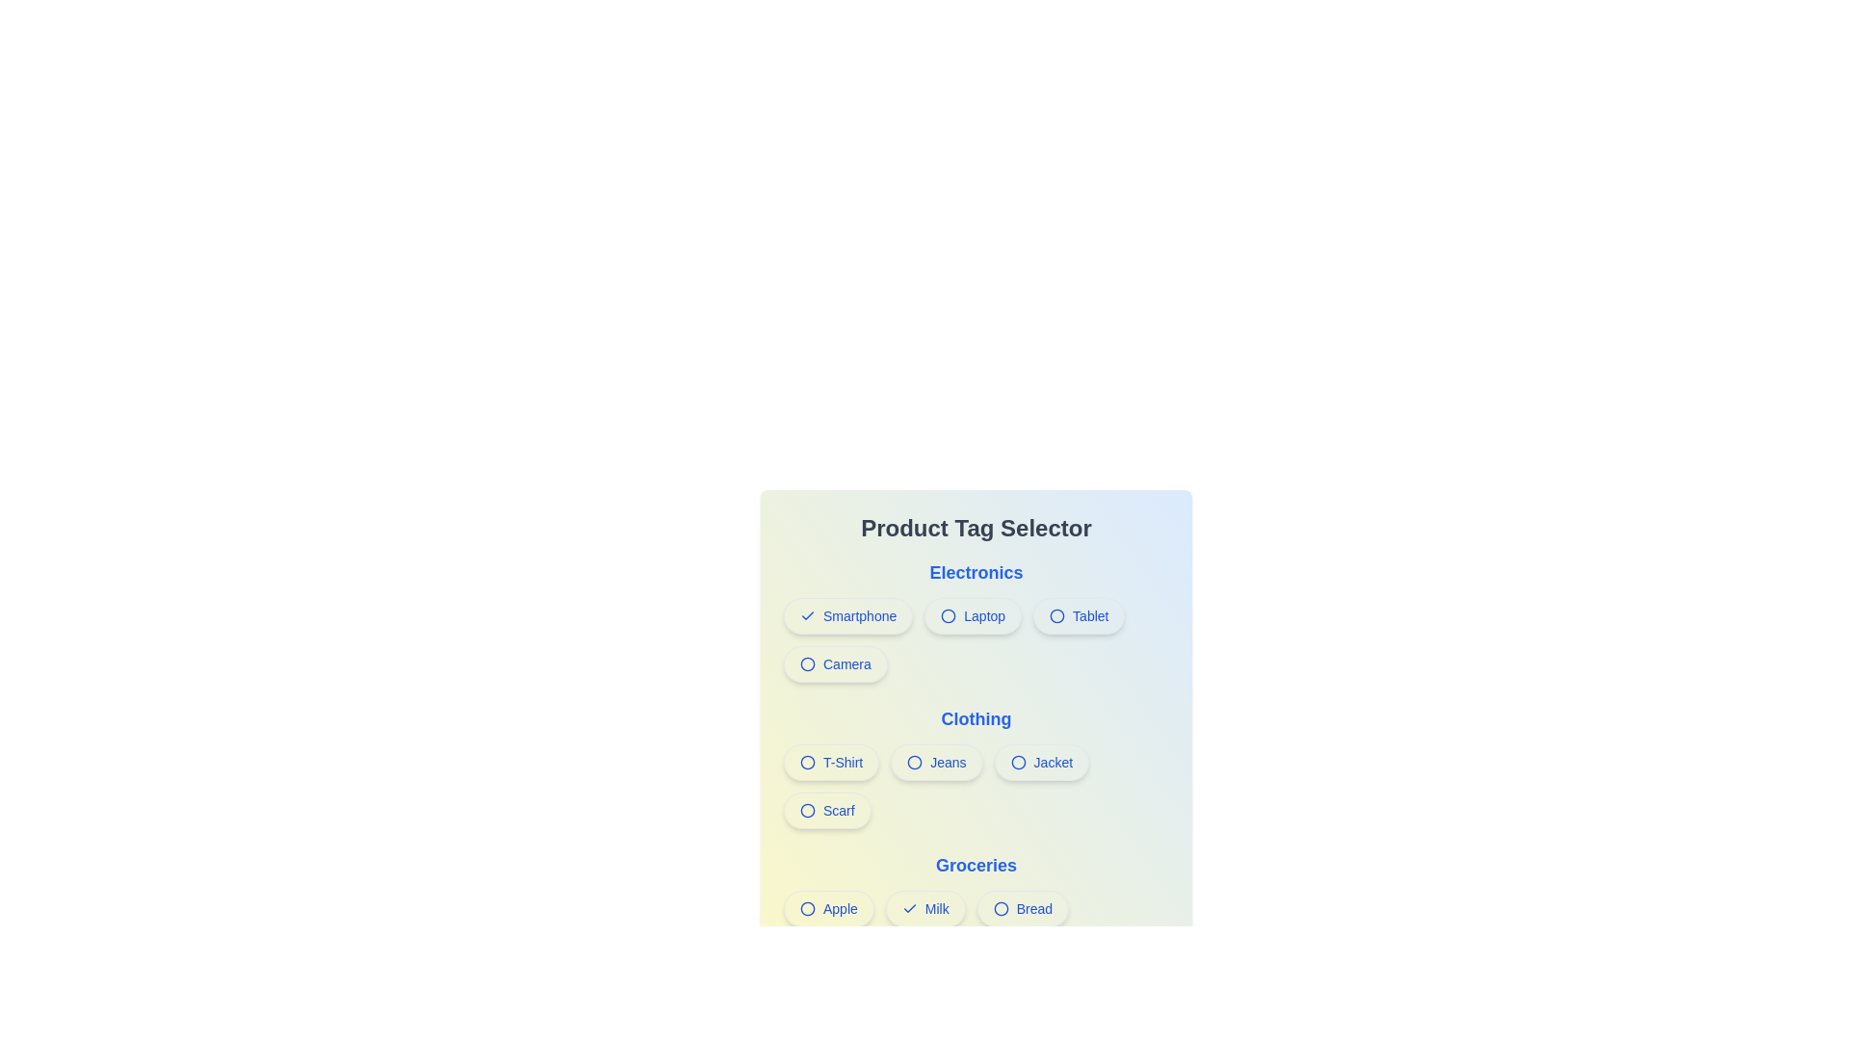  Describe the element at coordinates (808, 909) in the screenshot. I see `visual design of the SVG graphic element associated with the 'Apple' tag button in the 'Groceries' category` at that location.